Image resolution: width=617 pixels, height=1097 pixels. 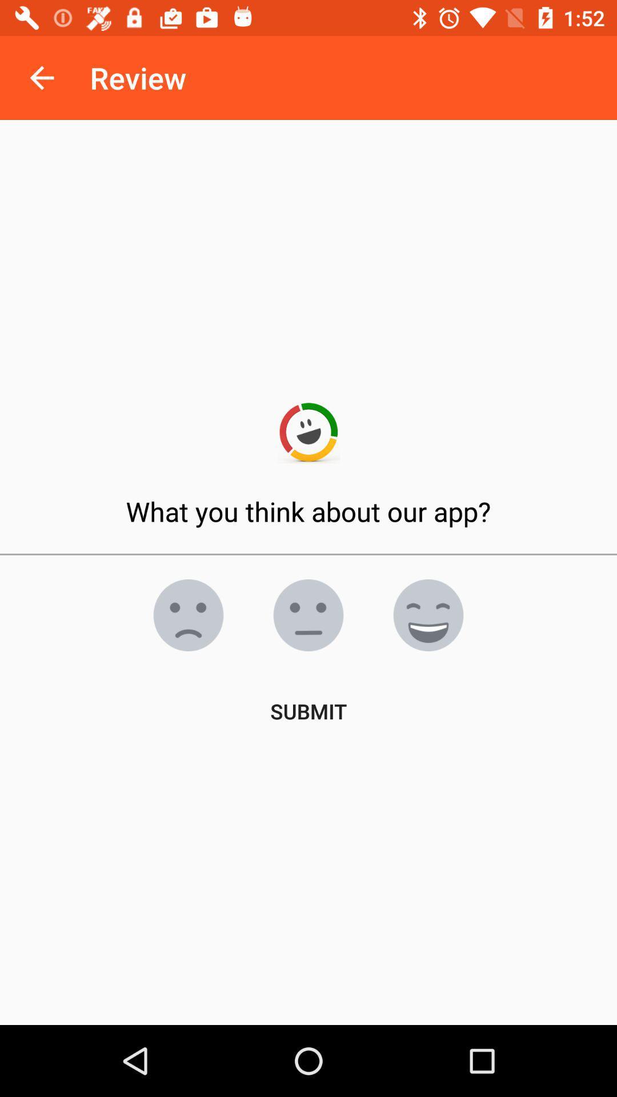 I want to click on the item above submit item, so click(x=308, y=614).